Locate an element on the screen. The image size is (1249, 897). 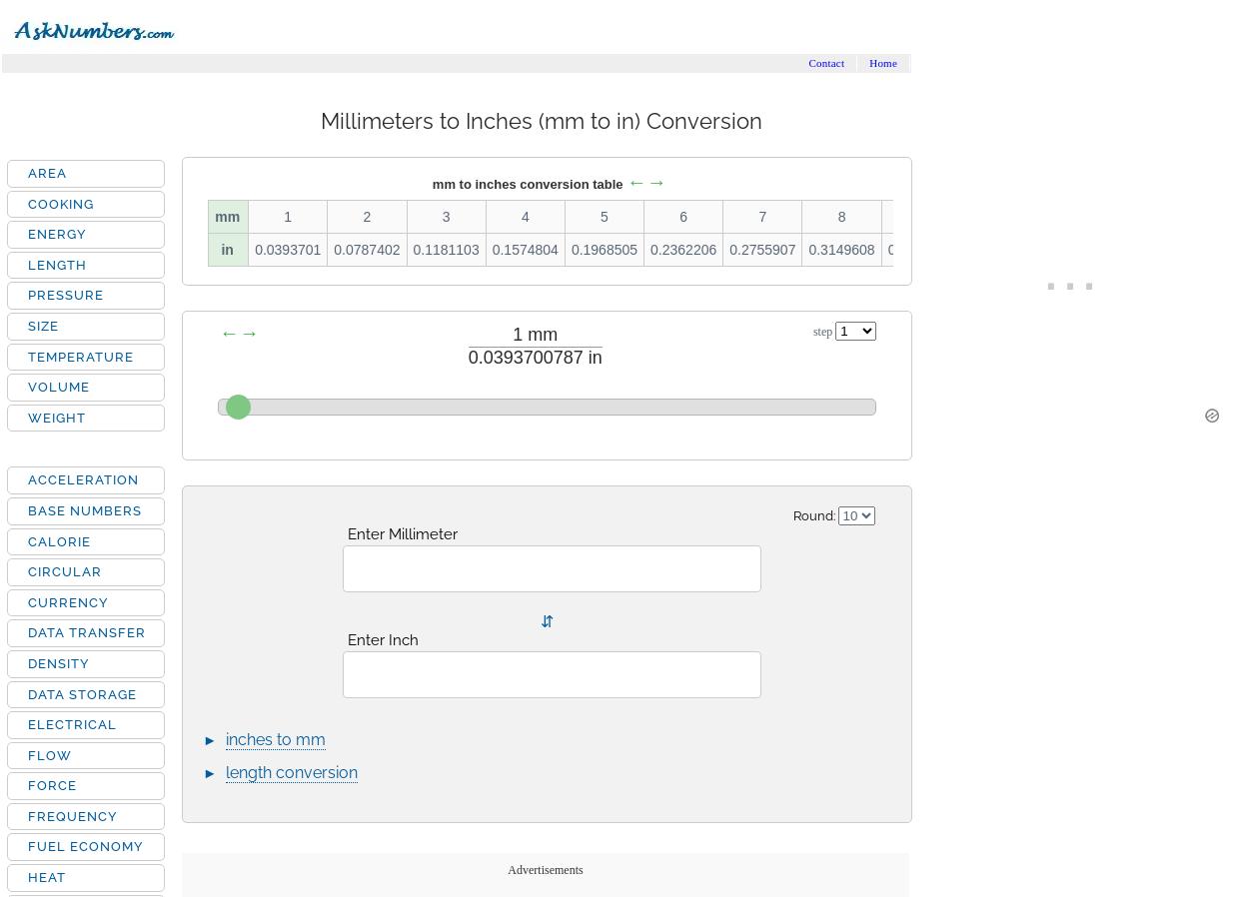
'ENERGY' is located at coordinates (57, 234).